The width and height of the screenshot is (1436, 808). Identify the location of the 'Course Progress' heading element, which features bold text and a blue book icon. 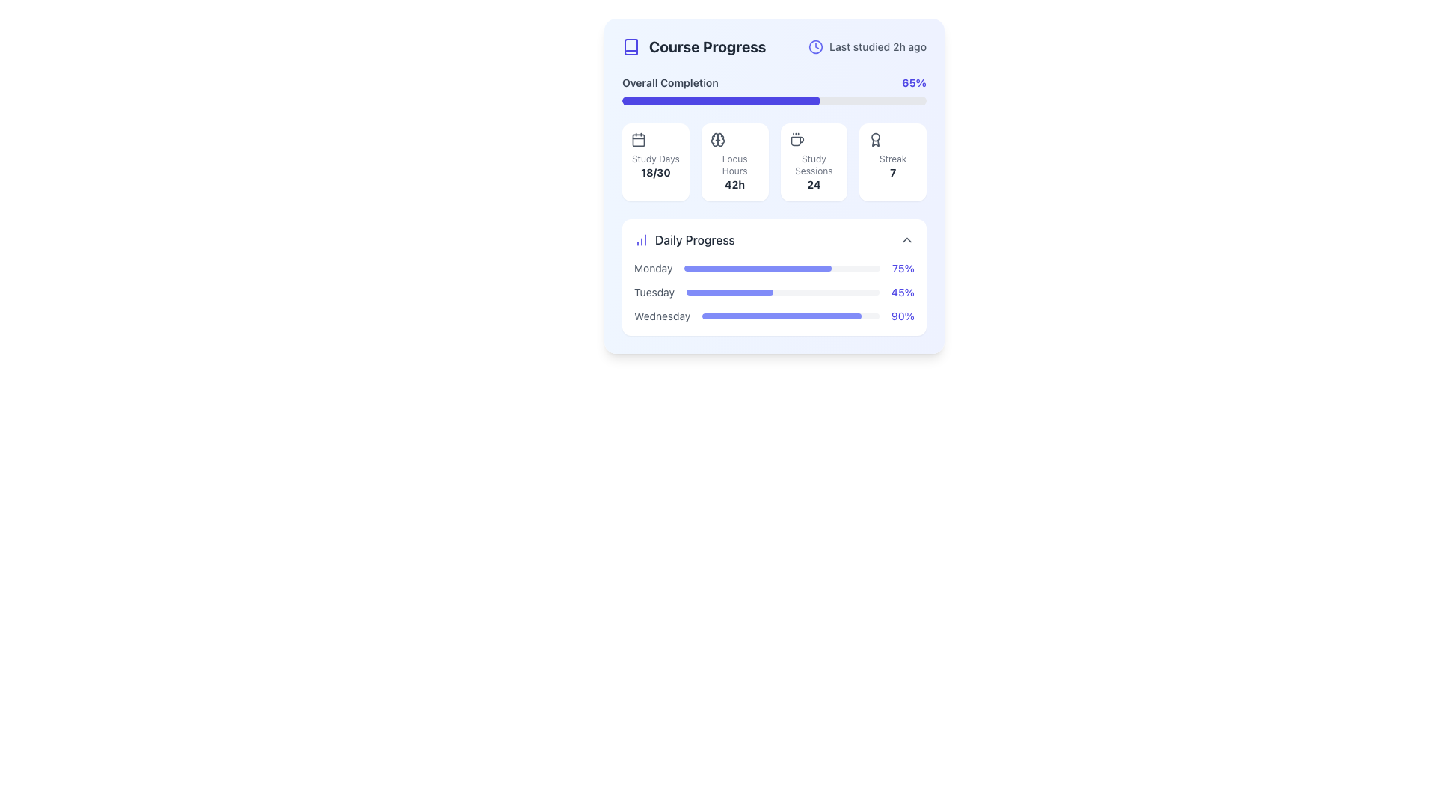
(693, 46).